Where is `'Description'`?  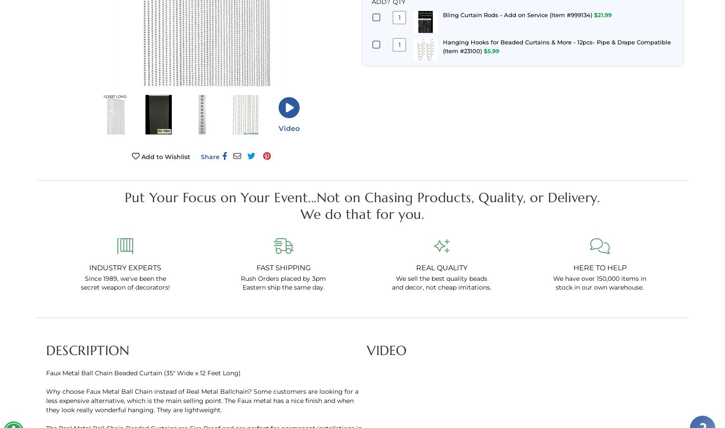 'Description' is located at coordinates (87, 350).